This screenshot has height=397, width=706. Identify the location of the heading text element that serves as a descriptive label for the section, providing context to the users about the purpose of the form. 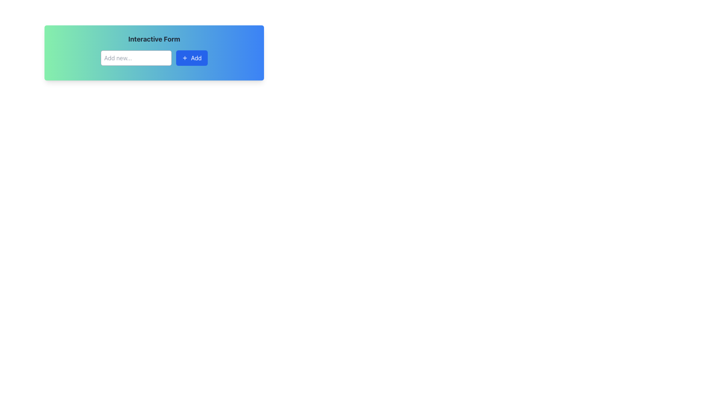
(154, 39).